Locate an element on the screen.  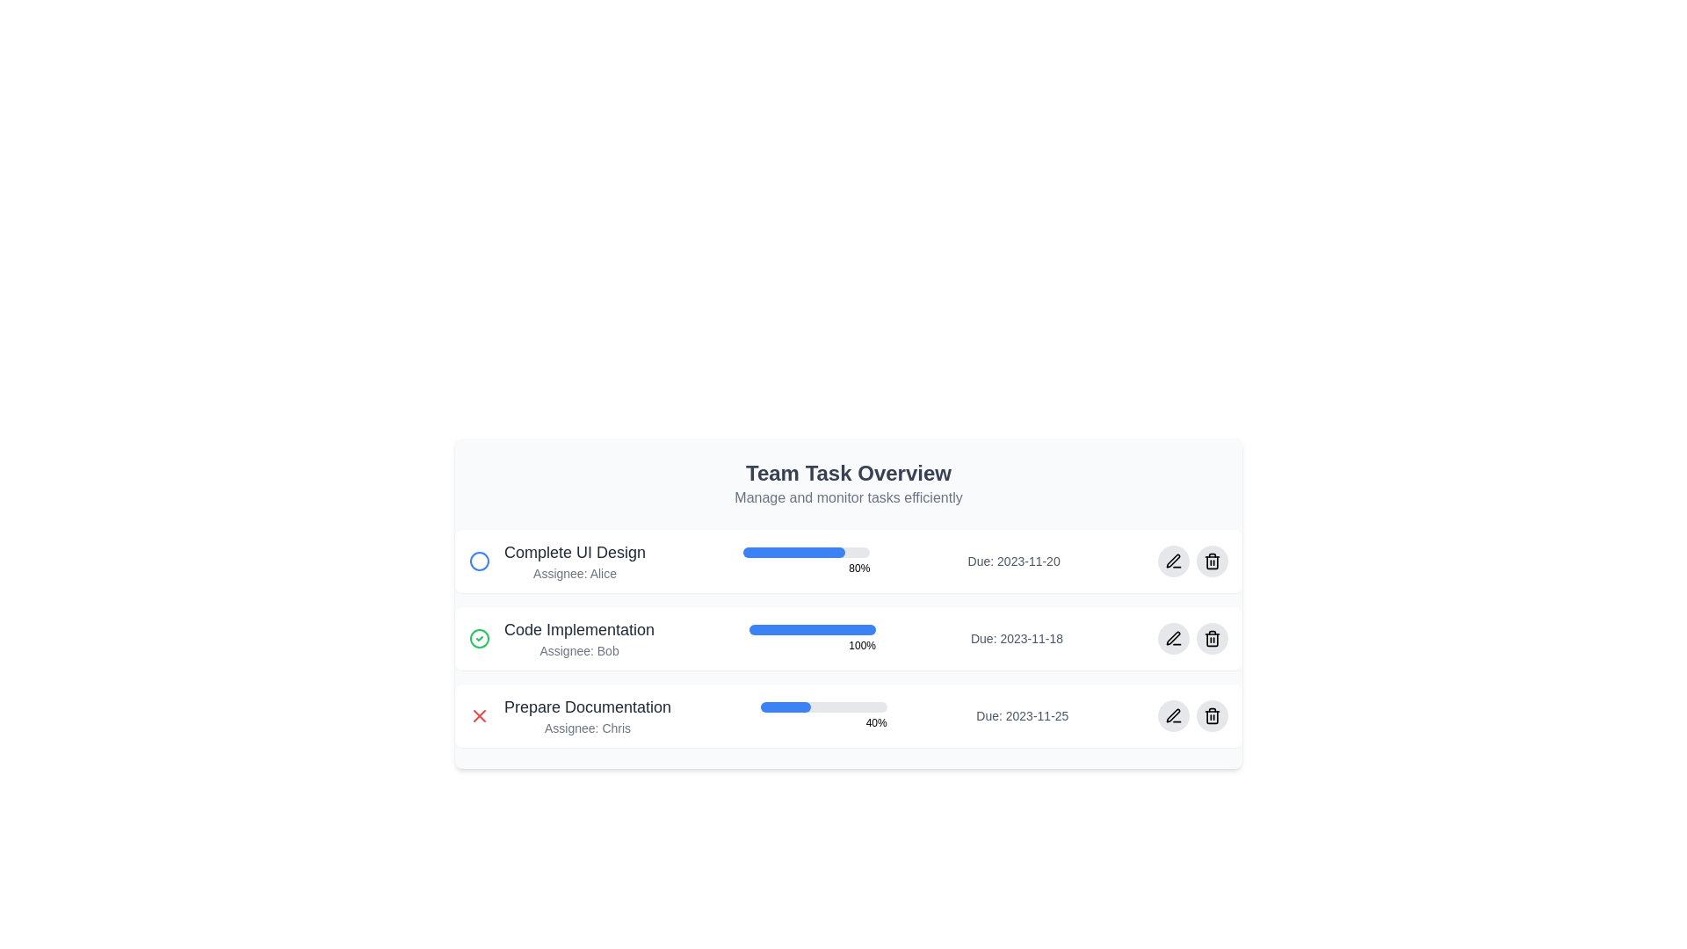
to select the third task entry in the task management interface, which provides details about the task such as title, assignee, and due date is located at coordinates (848, 715).